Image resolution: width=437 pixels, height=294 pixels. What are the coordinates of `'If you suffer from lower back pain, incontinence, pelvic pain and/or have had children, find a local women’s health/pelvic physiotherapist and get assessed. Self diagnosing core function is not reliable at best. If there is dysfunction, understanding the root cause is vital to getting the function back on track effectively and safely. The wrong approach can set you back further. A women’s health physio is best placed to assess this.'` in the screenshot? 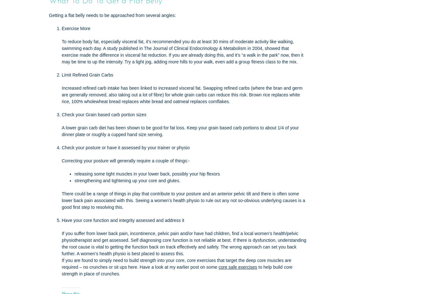 It's located at (183, 243).